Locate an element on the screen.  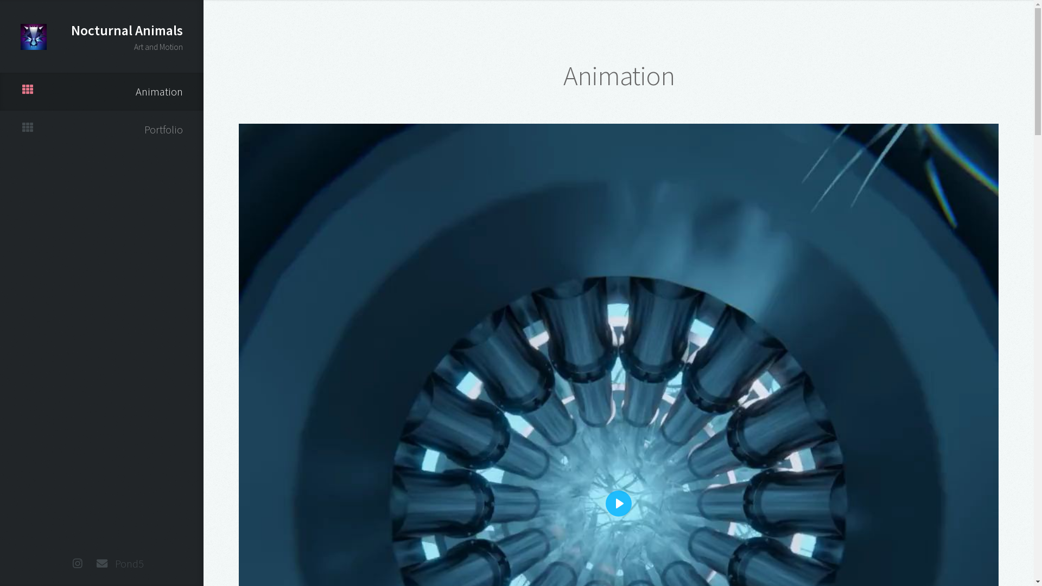
'Play' is located at coordinates (619, 504).